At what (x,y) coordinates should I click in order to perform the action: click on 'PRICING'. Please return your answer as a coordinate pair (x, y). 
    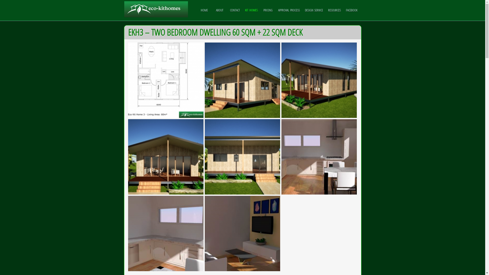
    Looking at the image, I should click on (267, 10).